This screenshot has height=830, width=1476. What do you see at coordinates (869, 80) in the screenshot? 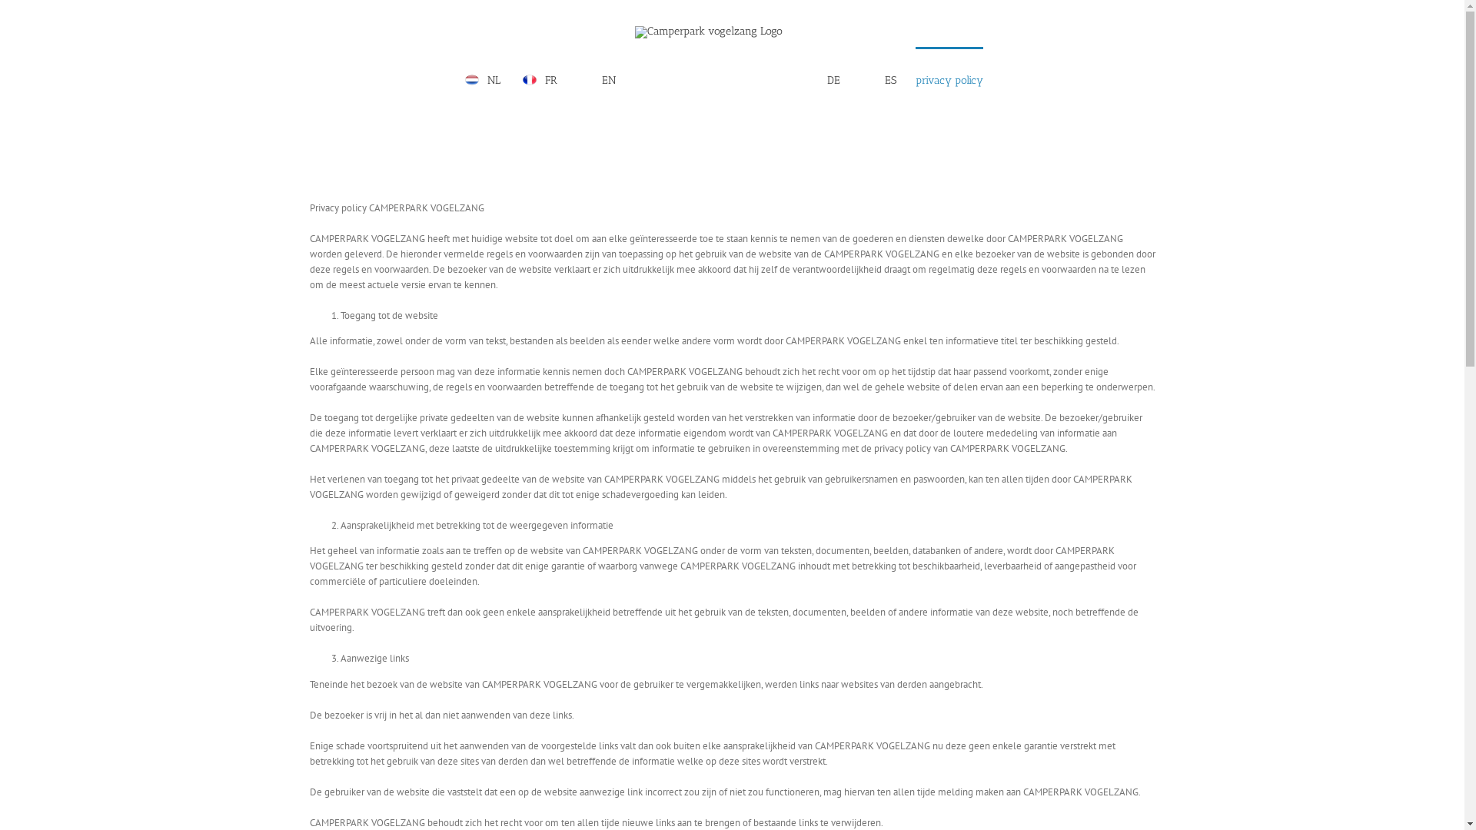
I see `'spain_640'` at bounding box center [869, 80].